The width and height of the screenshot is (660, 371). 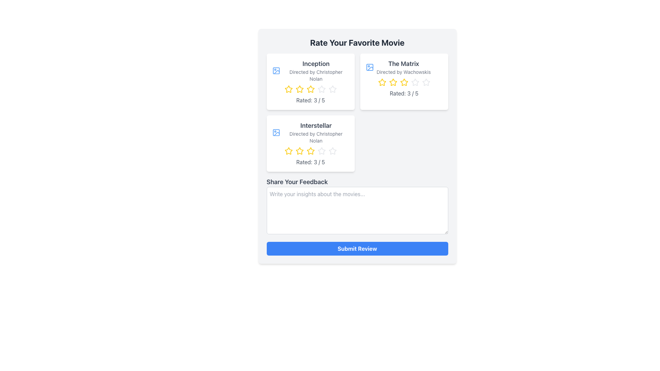 I want to click on on the second star icon in the rating bar, so click(x=288, y=89).